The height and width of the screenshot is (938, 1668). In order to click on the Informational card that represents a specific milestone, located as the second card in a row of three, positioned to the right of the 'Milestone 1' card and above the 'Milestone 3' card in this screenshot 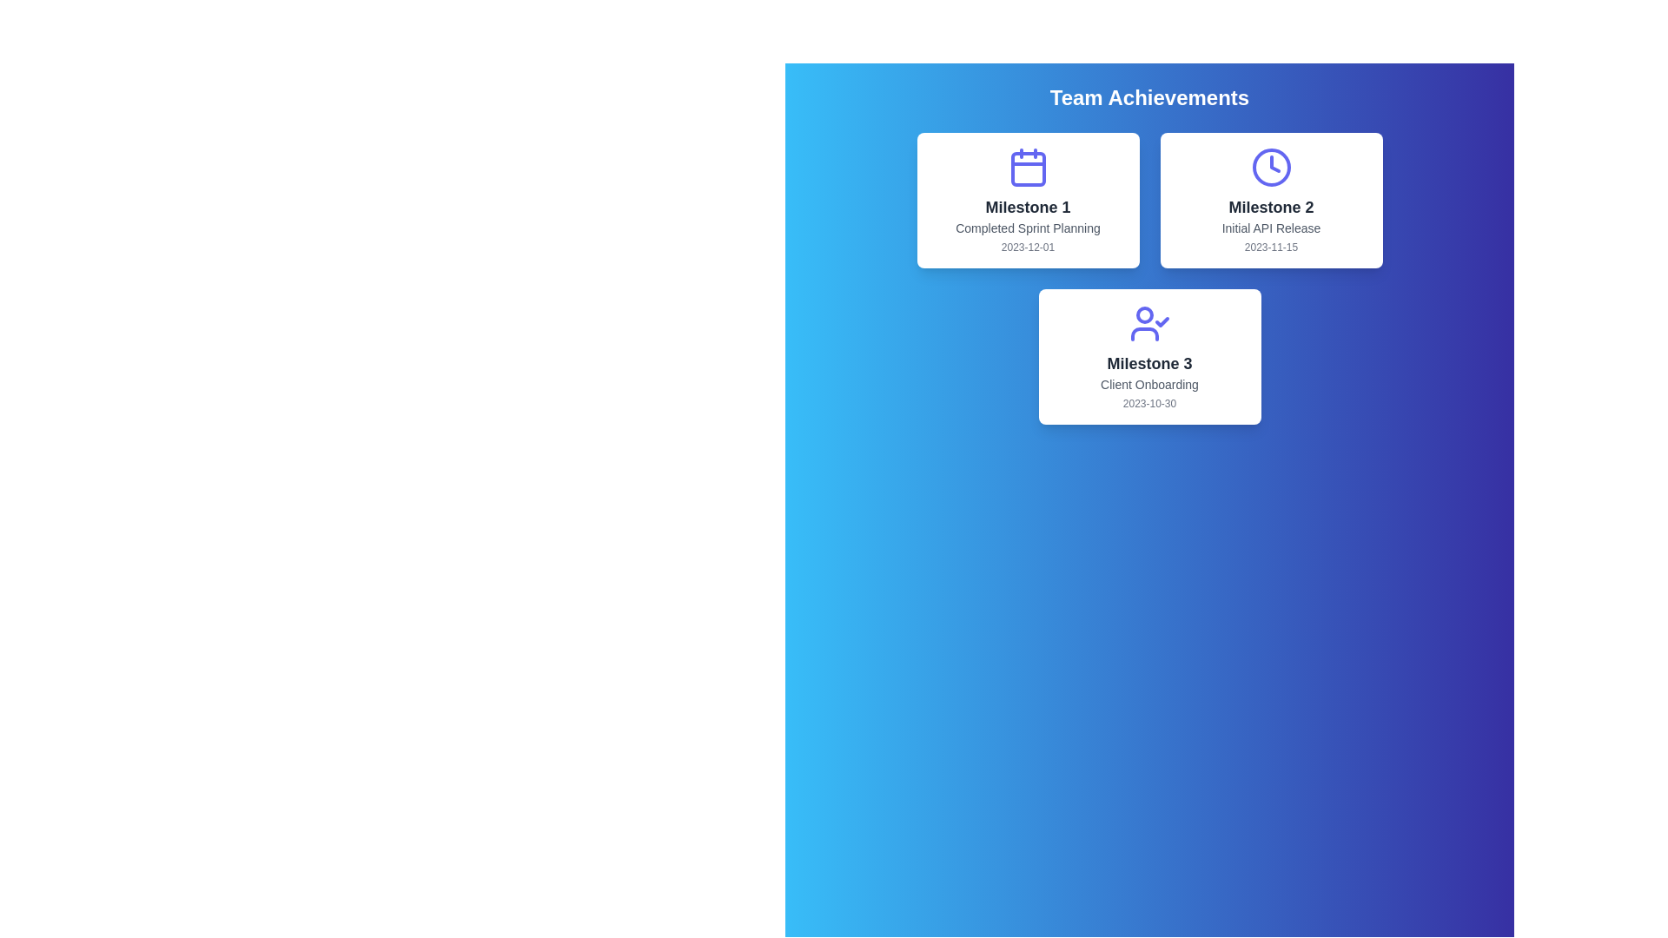, I will do `click(1271, 200)`.